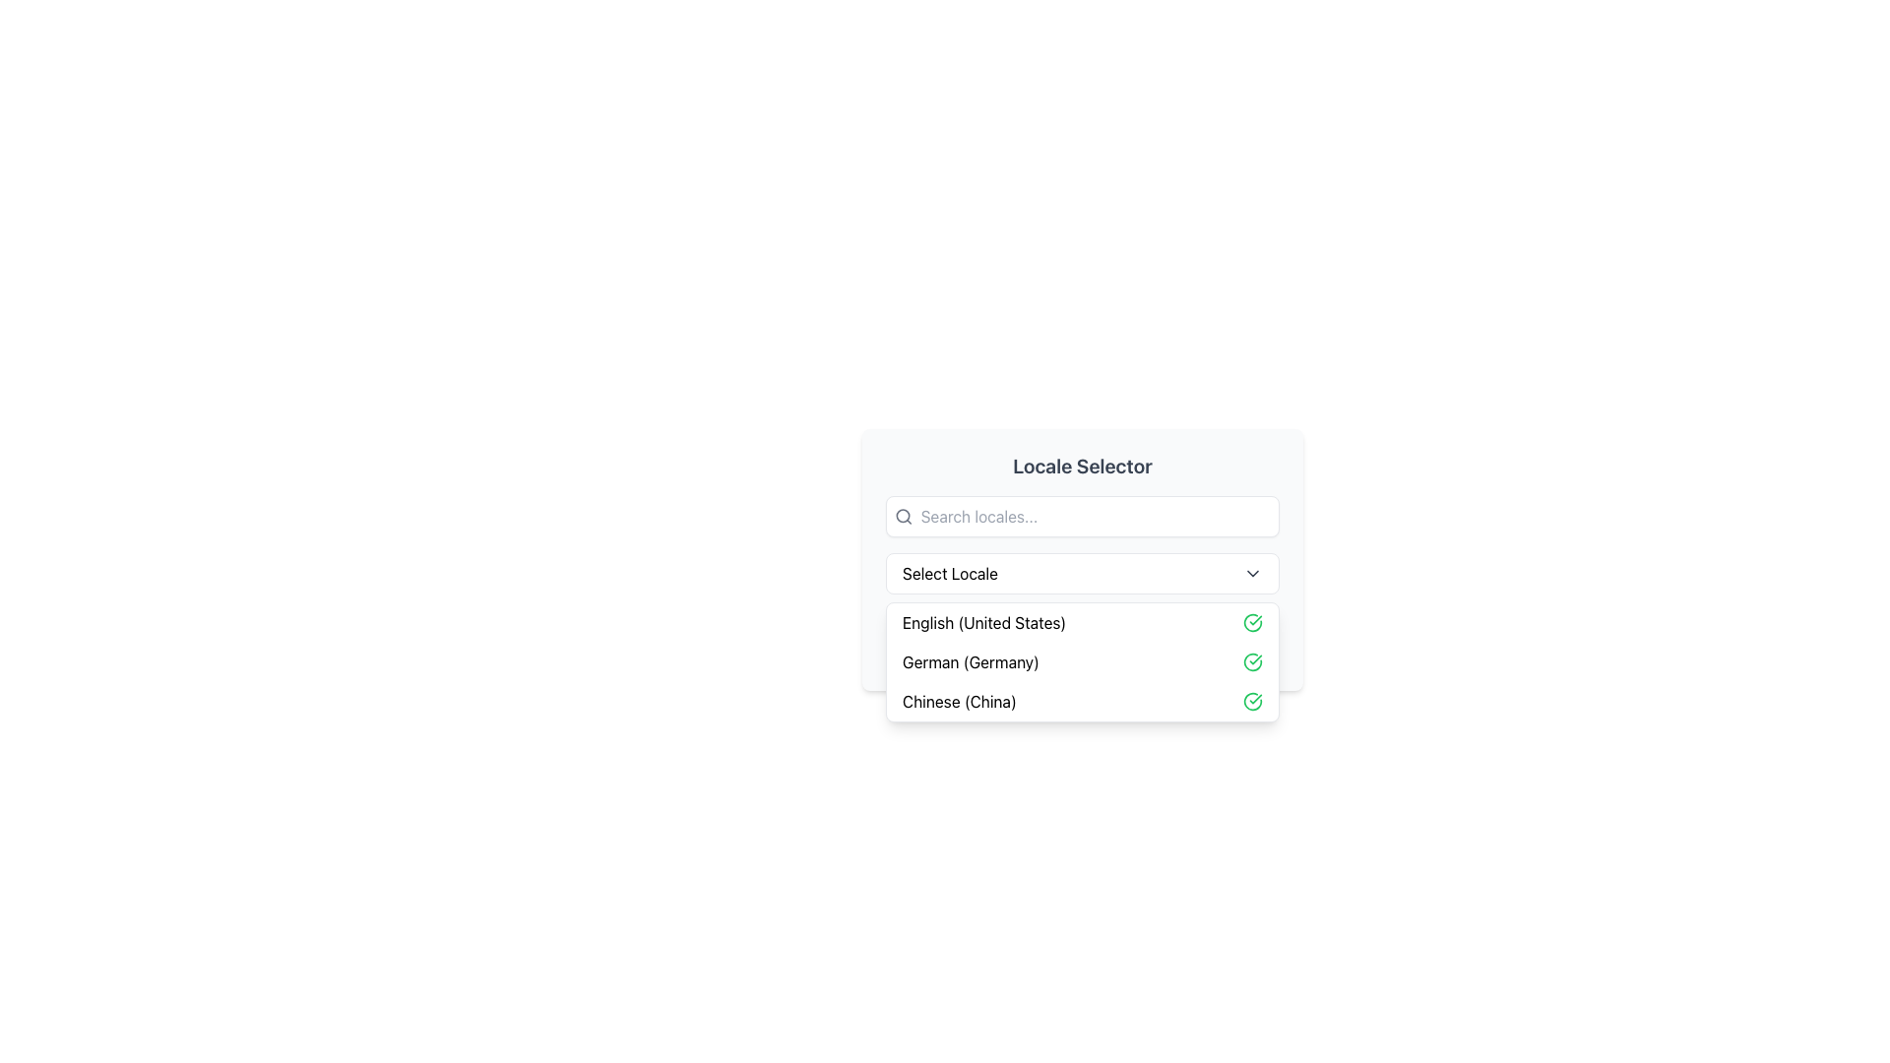 This screenshot has height=1063, width=1890. Describe the element at coordinates (1251, 661) in the screenshot. I see `the icon indicating that 'German (Germany)' is currently selected to deselect it` at that location.